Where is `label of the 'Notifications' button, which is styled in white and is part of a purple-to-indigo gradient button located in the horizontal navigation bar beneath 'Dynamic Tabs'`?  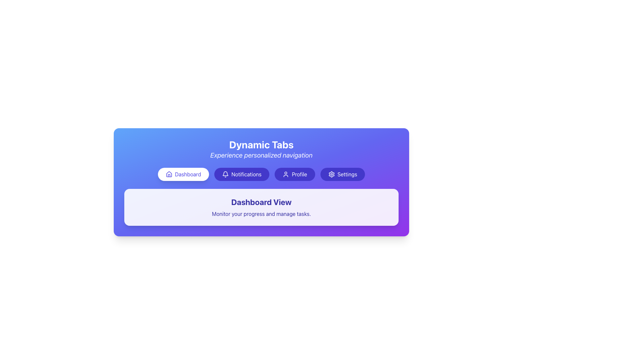
label of the 'Notifications' button, which is styled in white and is part of a purple-to-indigo gradient button located in the horizontal navigation bar beneath 'Dynamic Tabs' is located at coordinates (246, 174).